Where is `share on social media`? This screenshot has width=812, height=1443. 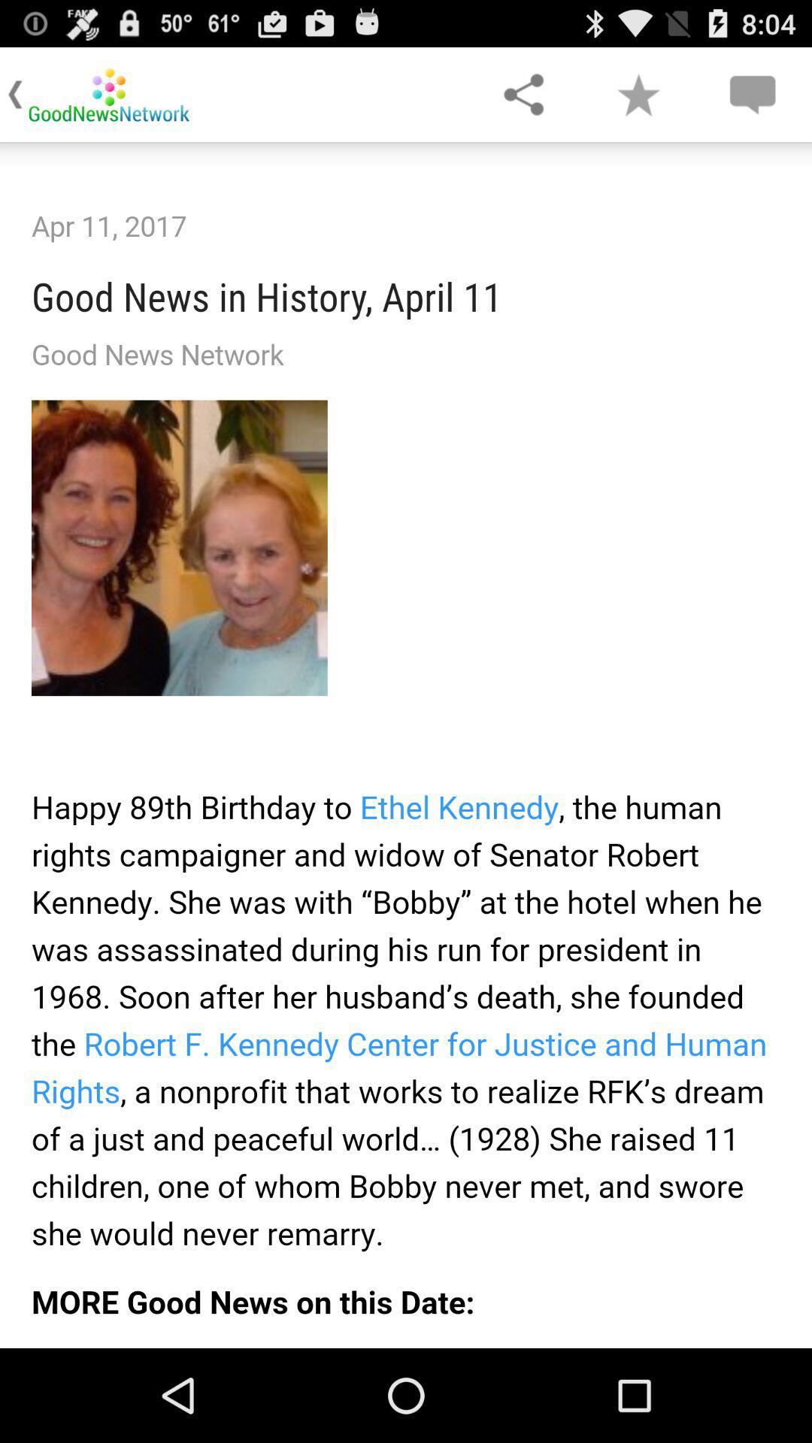
share on social media is located at coordinates (523, 93).